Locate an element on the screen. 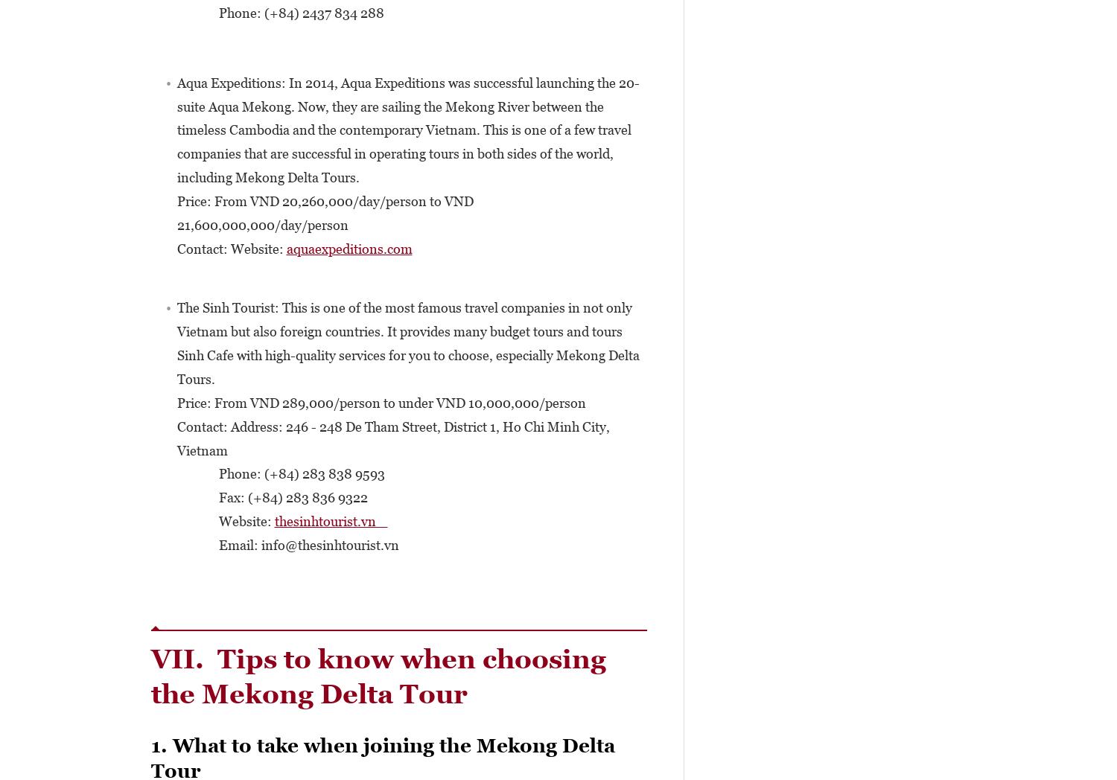 This screenshot has width=1117, height=780. 'Aqua Expeditions: In 2014, Aqua Expeditions was successful launching the 20-suite Aqua Mekong. Now, they are sailing the Mekong River between the timeless Cambodia and the contemporary Vietnam. This is one of a few travel companies that are successful in operating tours in both sides of the world, including Mekong Delta Tours.' is located at coordinates (407, 130).